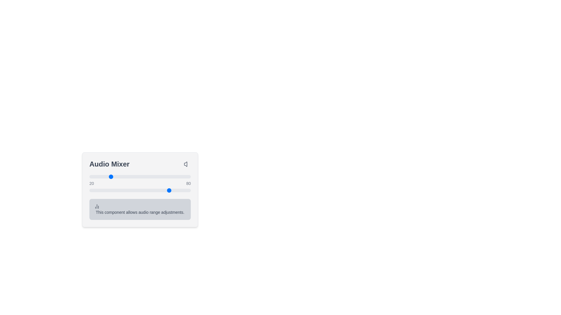  Describe the element at coordinates (188, 183) in the screenshot. I see `the text label displaying the number '80', which is a small gray font indicating a status or numerical indicator, located to the right of the label '20' near a slider control in the 'Audio Mixer' component` at that location.